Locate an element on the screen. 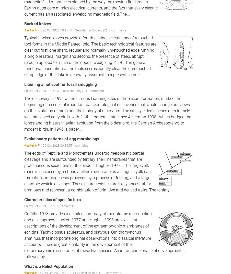 The image size is (231, 274). '1 comment' is located at coordinates (96, 91).